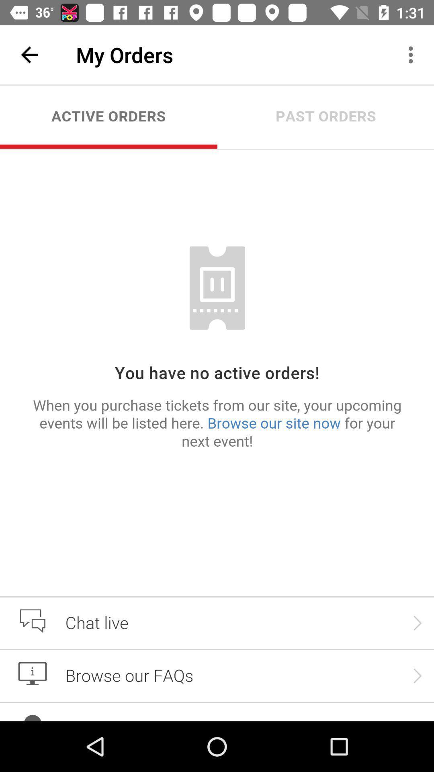 This screenshot has height=772, width=434. Describe the element at coordinates (217, 403) in the screenshot. I see `chat` at that location.